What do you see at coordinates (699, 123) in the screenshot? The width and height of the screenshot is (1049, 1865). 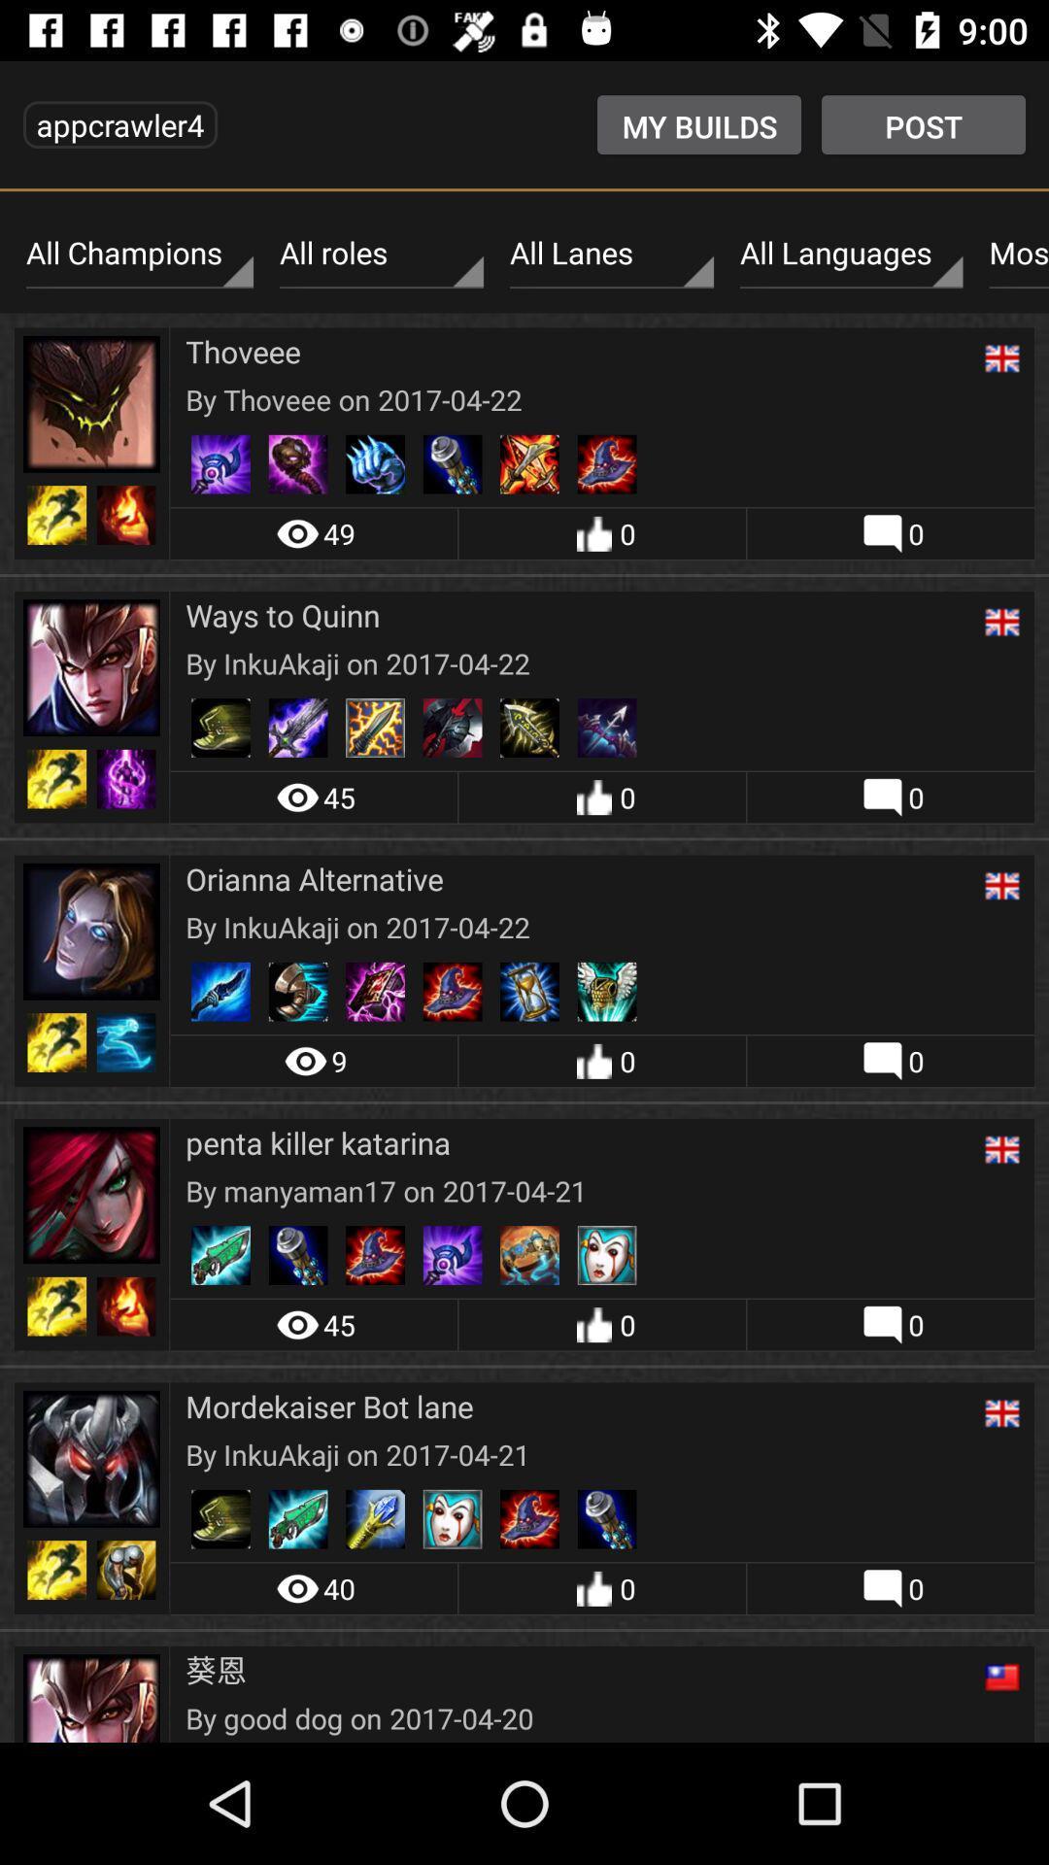 I see `the icon to the left of the post item` at bounding box center [699, 123].